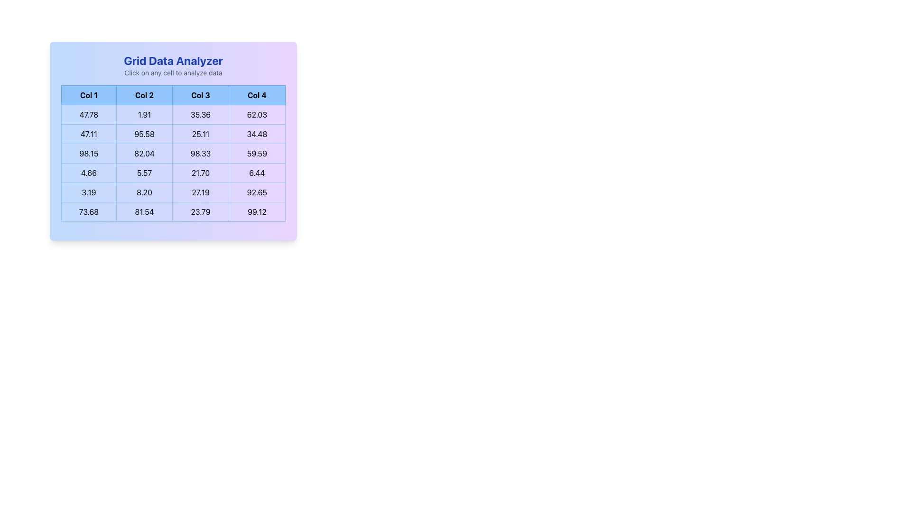 This screenshot has height=512, width=911. I want to click on the header cell representing the third column in the table, located between 'Col 2' and 'Col 4', so click(200, 95).